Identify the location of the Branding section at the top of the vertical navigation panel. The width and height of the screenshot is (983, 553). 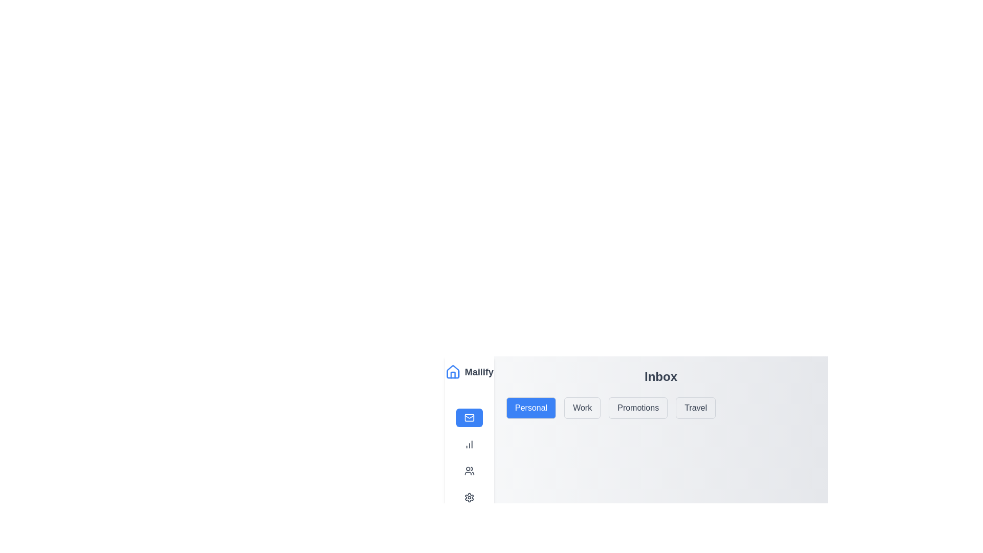
(468, 372).